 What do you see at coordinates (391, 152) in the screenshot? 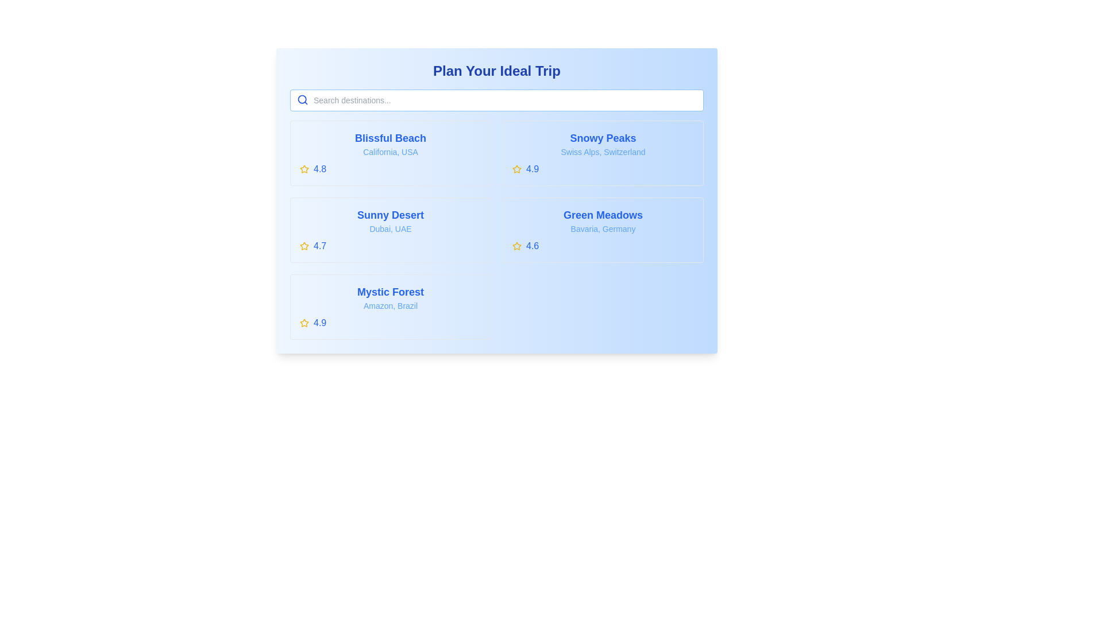
I see `the Card element displaying information about 'Blissful Beach' in California, USA, which has a rating of '4.8' and a yellow star icon` at bounding box center [391, 152].